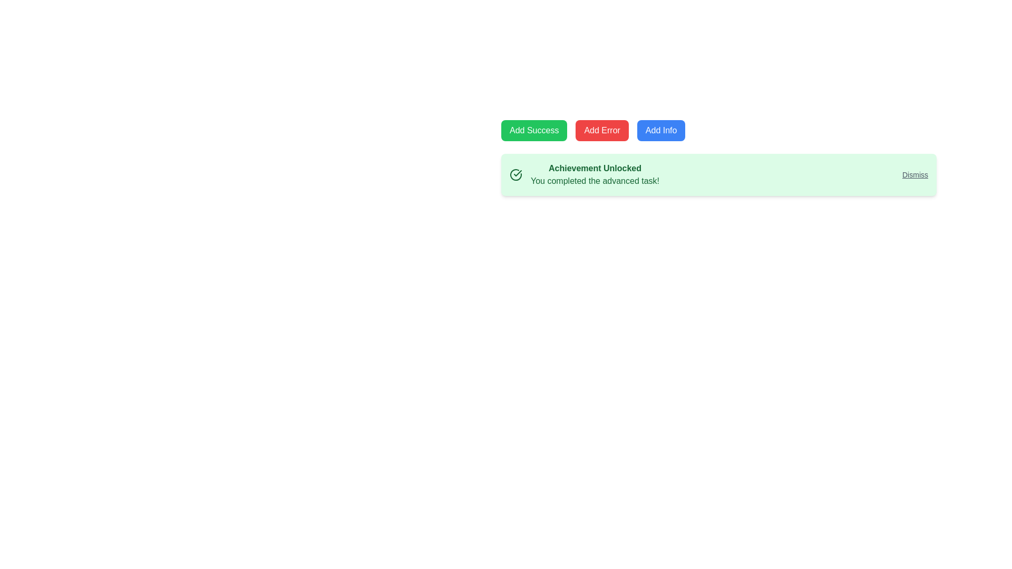  I want to click on the prominent heading text element displaying 'Achievement Unlocked' in bold dark green font, located at the top-left of the light green notification card, so click(595, 168).